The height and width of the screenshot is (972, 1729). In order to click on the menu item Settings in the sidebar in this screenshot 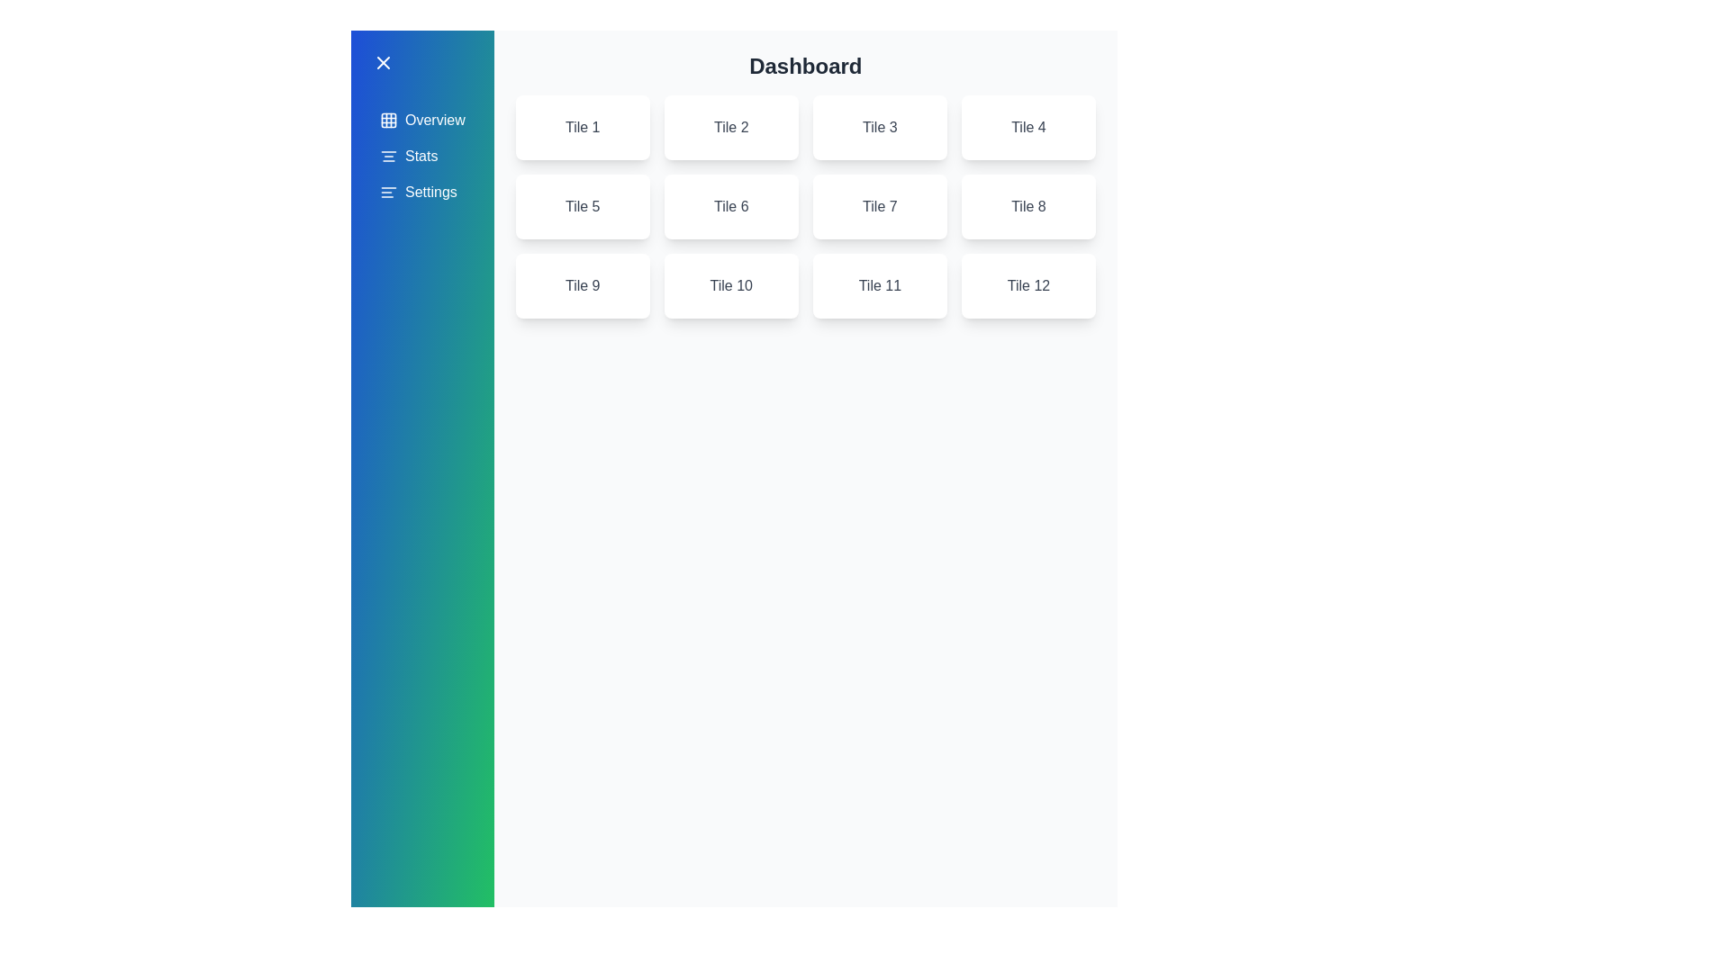, I will do `click(421, 192)`.